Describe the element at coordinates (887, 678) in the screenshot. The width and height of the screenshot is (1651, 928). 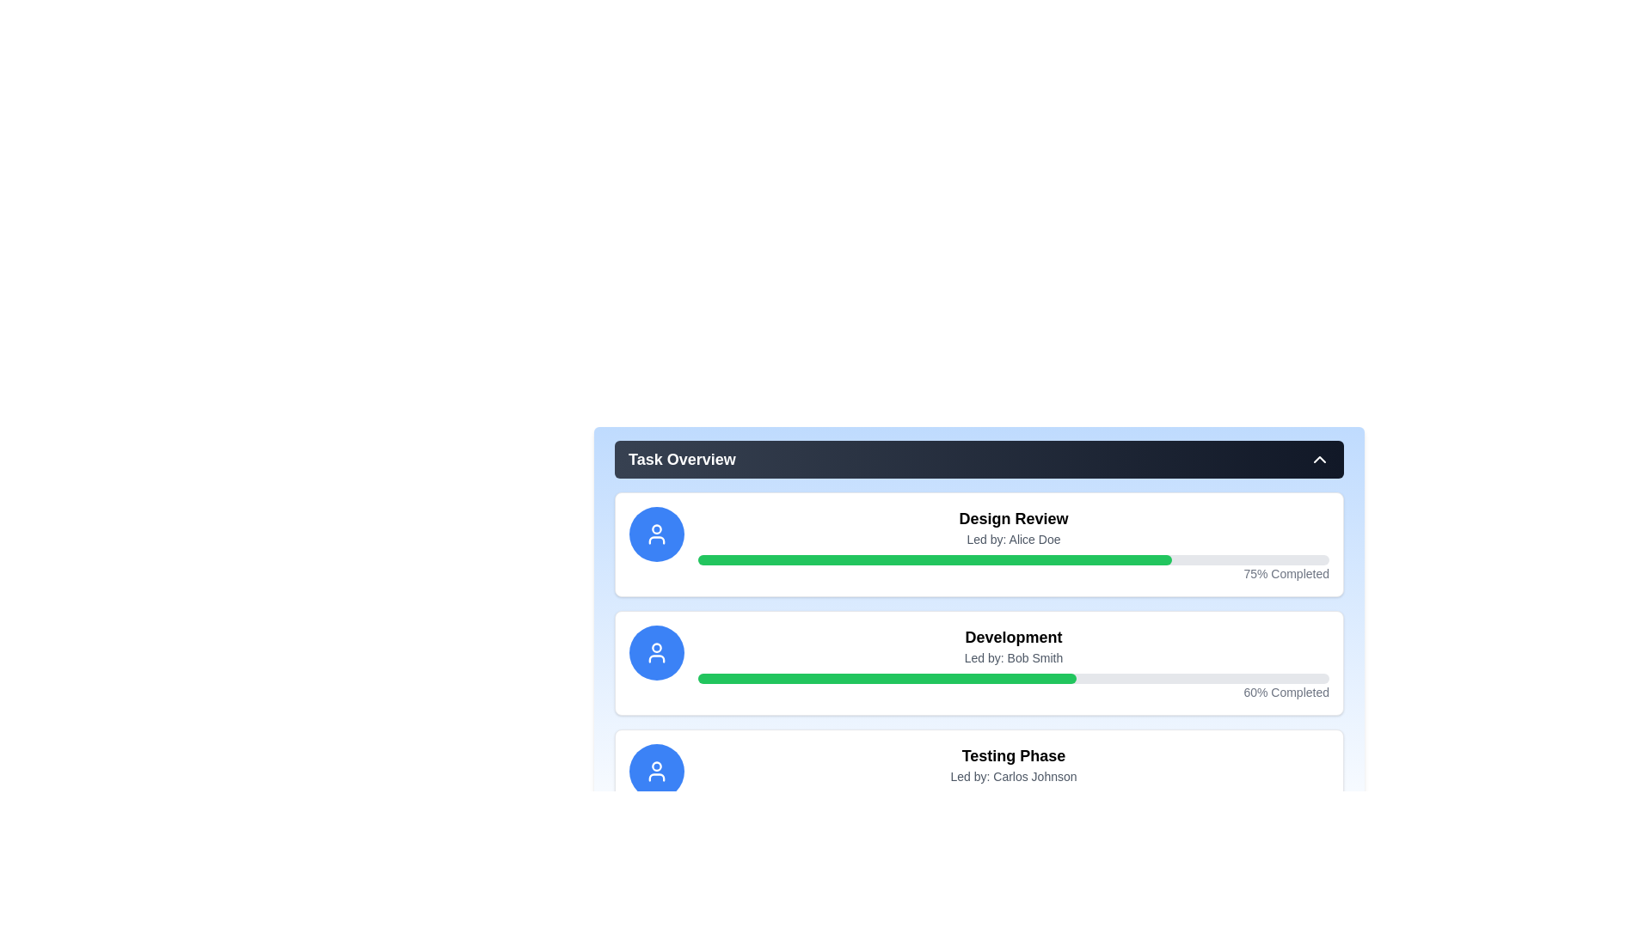
I see `the green progress bar that represents a specific percentage of completion within the 'Development' task card` at that location.